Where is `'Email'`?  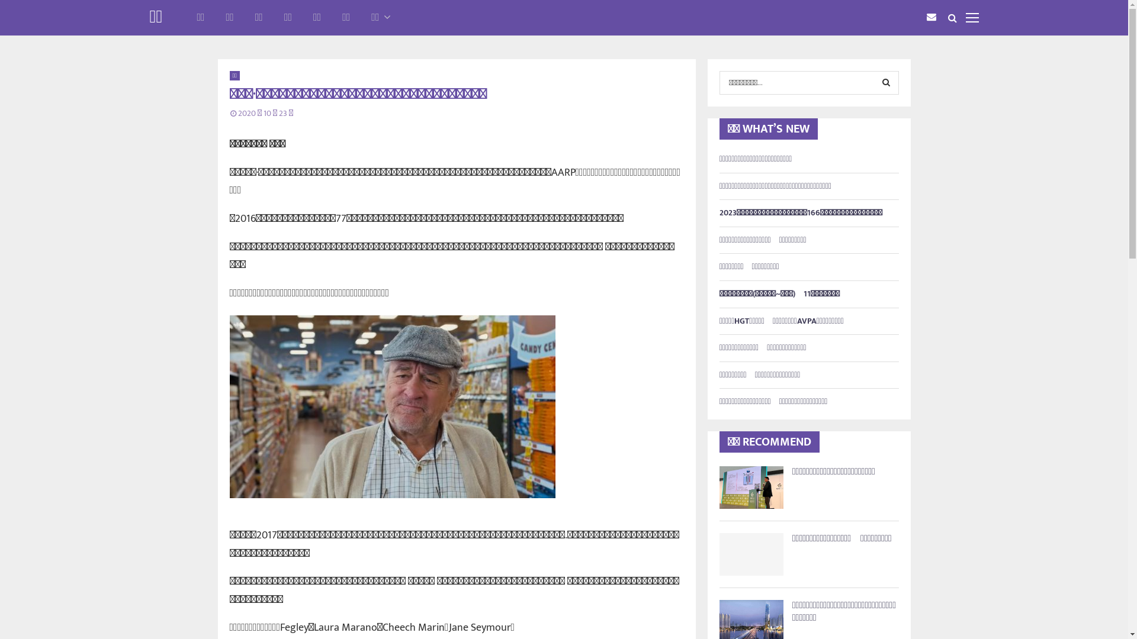 'Email' is located at coordinates (933, 18).